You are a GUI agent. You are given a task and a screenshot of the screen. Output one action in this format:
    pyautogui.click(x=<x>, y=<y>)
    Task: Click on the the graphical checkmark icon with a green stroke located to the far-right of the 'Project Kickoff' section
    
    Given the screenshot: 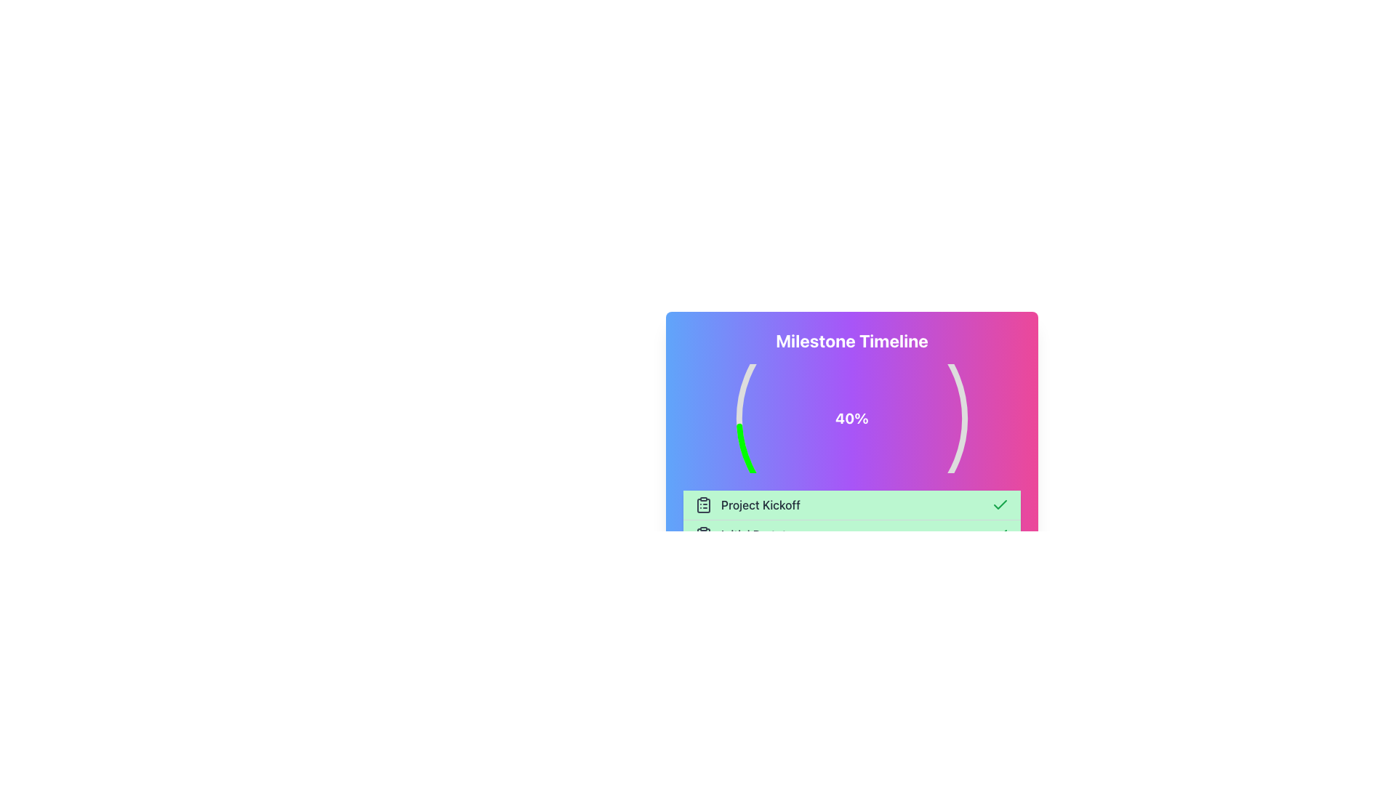 What is the action you would take?
    pyautogui.click(x=1000, y=504)
    